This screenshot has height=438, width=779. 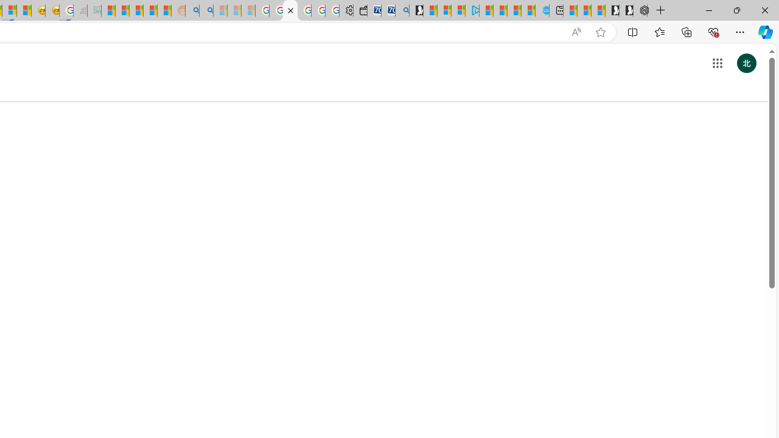 I want to click on 'Class: gb_E', so click(x=717, y=63).